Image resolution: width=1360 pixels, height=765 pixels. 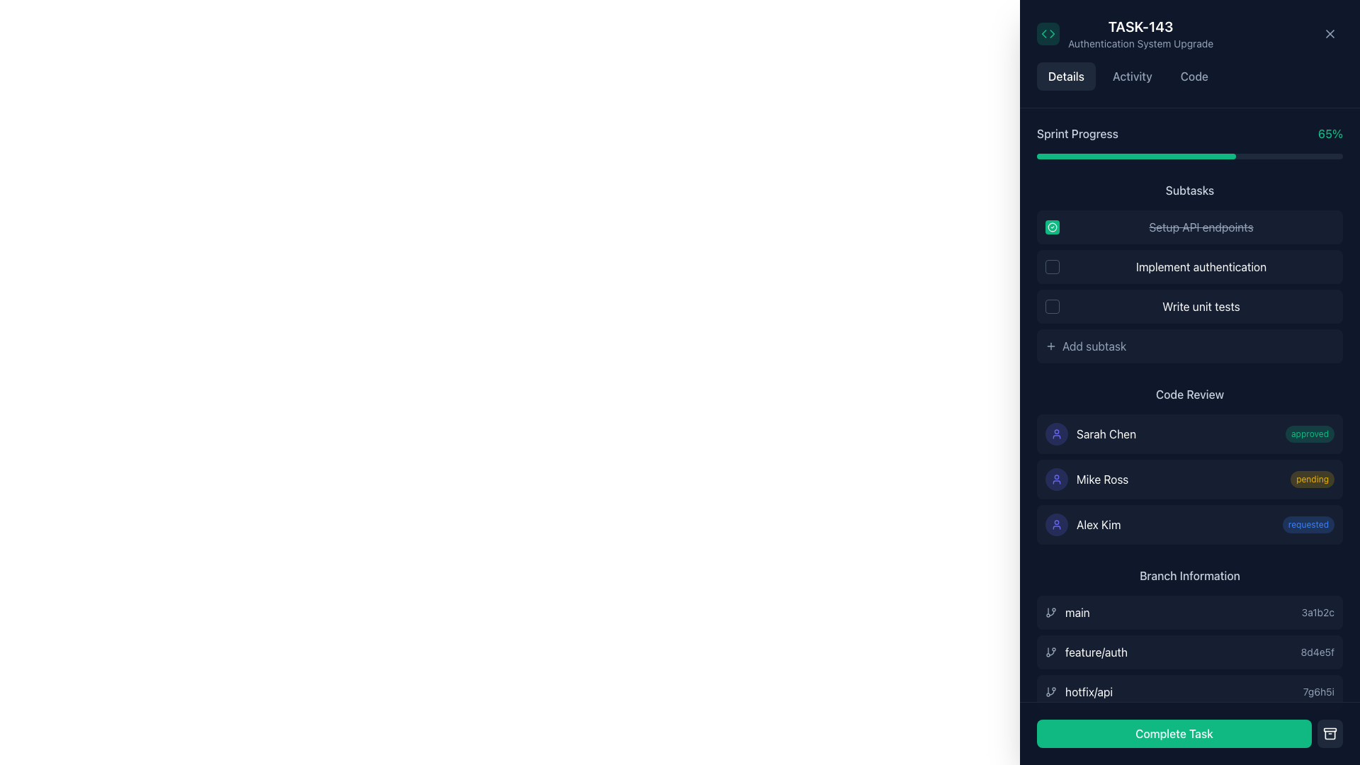 I want to click on the composite UI element containing the task identifier 'TASK-143' and the subtitle 'Authentication System Upgrade', which features a code-like icon in a green background, so click(x=1124, y=33).